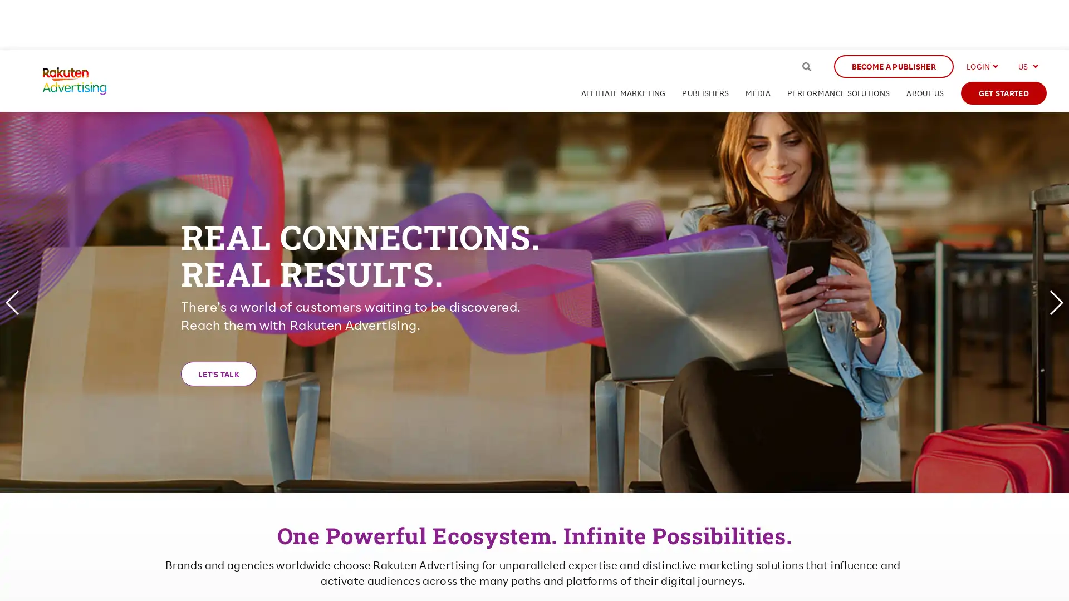 The height and width of the screenshot is (601, 1069). Describe the element at coordinates (806, 66) in the screenshot. I see `Search Submit` at that location.